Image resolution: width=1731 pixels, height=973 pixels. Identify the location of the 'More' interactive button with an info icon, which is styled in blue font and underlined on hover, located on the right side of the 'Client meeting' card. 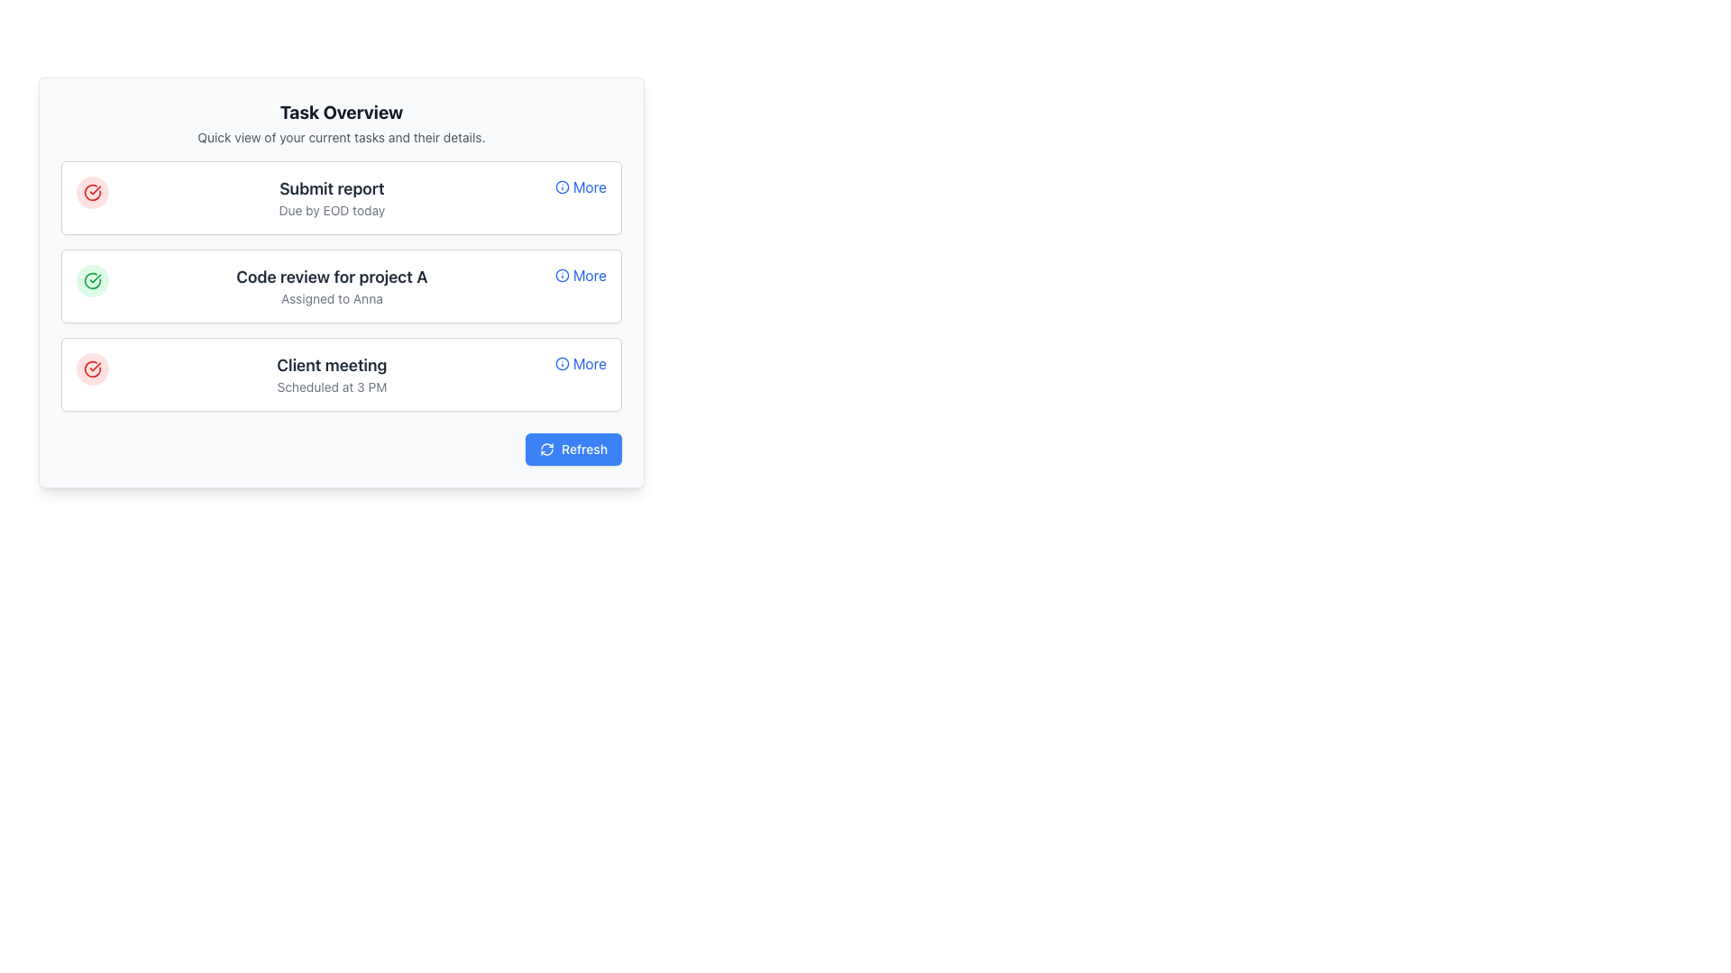
(581, 364).